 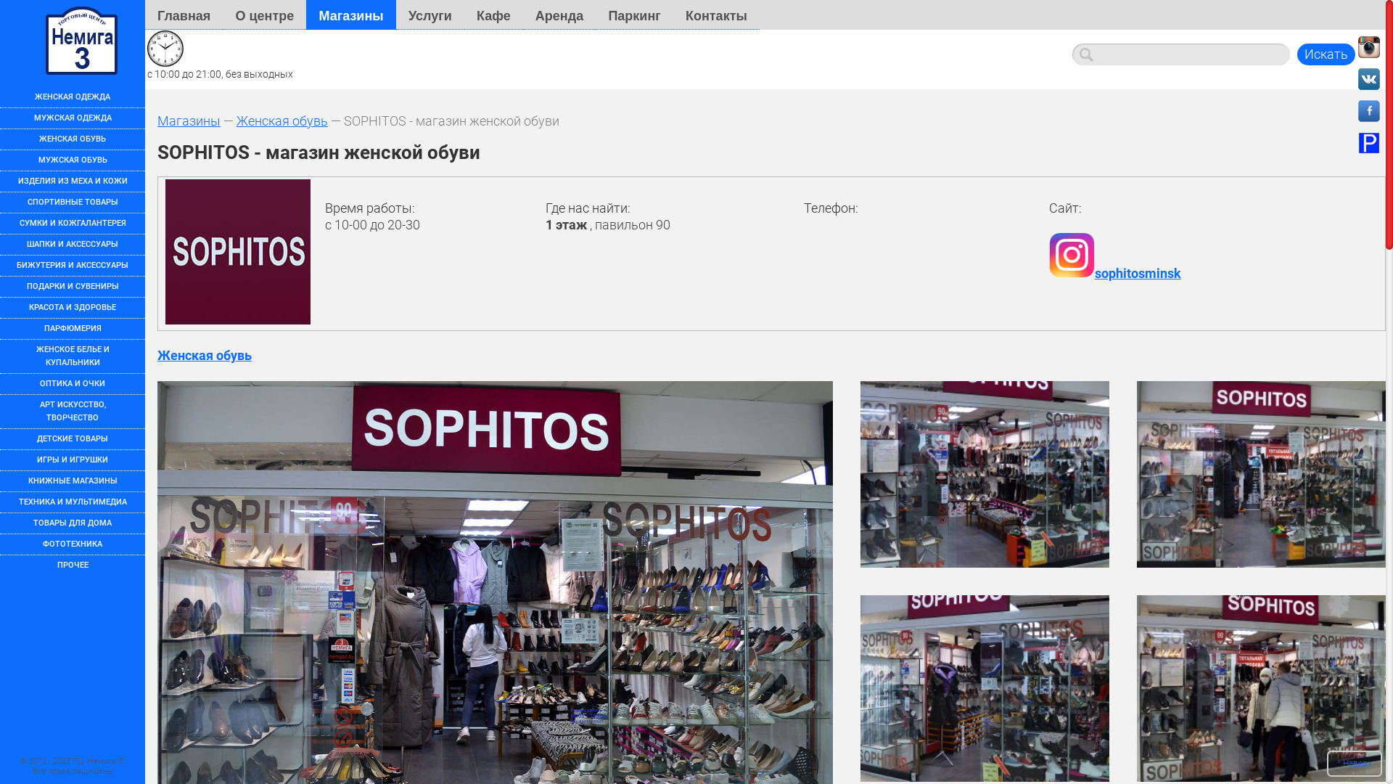 What do you see at coordinates (1114, 273) in the screenshot?
I see `'sophitosminsk'` at bounding box center [1114, 273].